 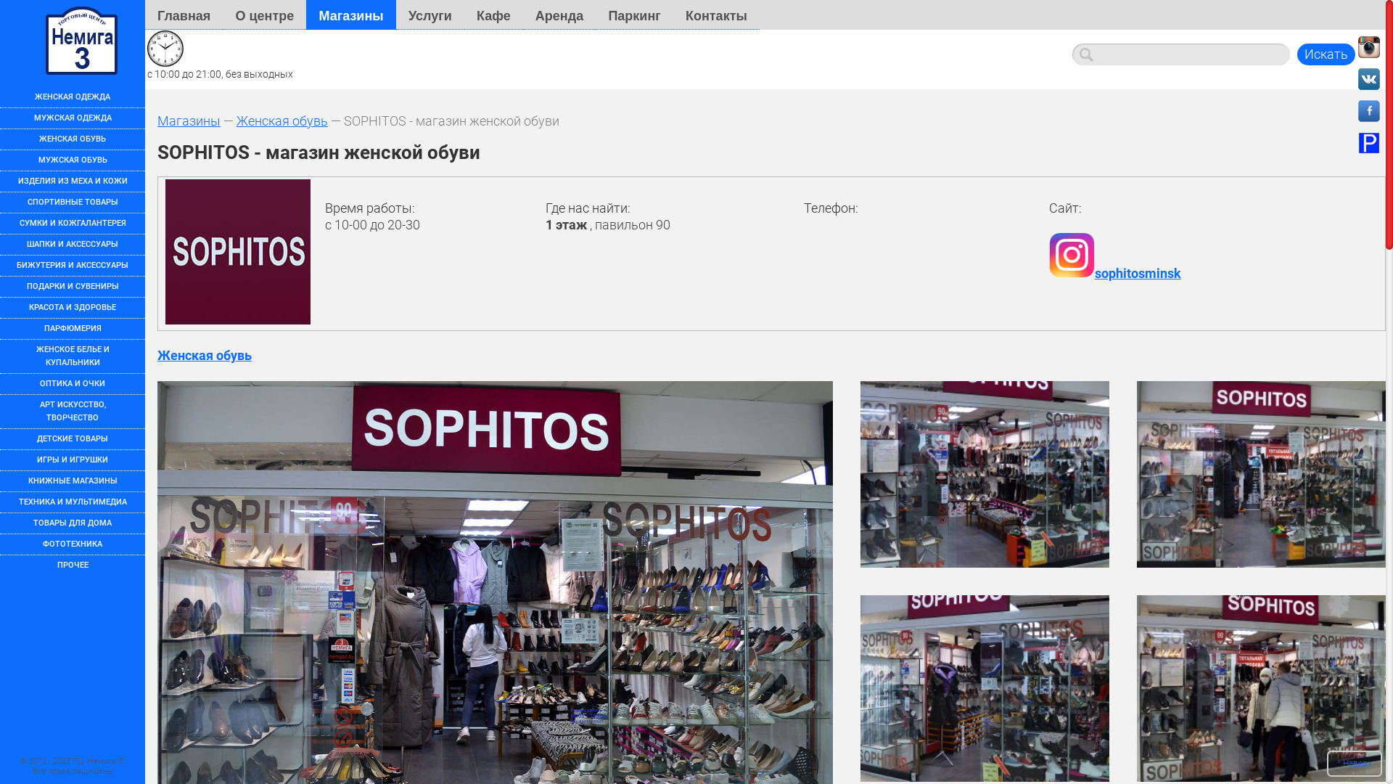 What do you see at coordinates (1114, 273) in the screenshot?
I see `'sophitosminsk'` at bounding box center [1114, 273].